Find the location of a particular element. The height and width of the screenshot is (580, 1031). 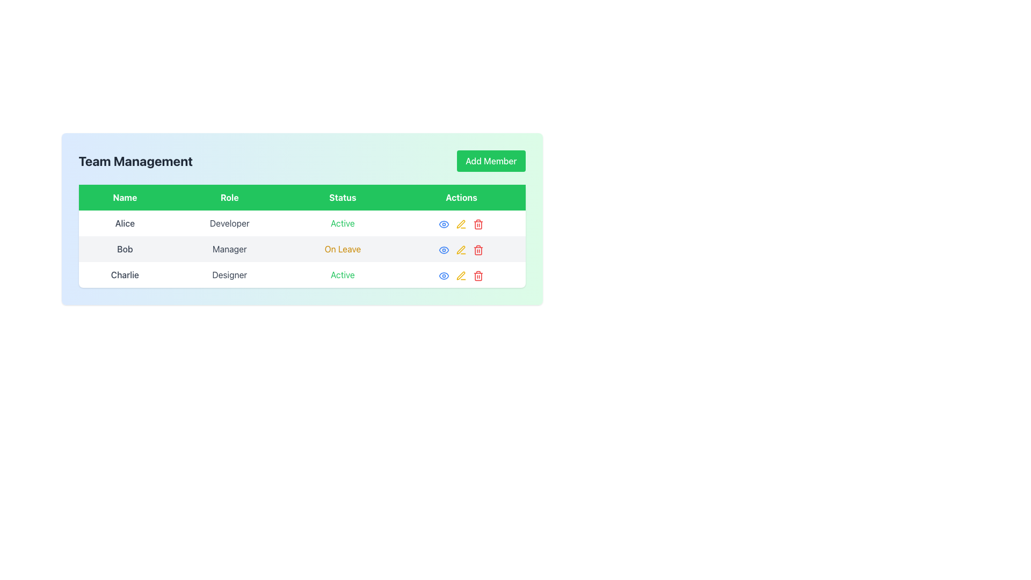

the Table Header Cell labeled 'Status' with a green background and white text, which is the third cell from the left in the header row of the table is located at coordinates (342, 197).